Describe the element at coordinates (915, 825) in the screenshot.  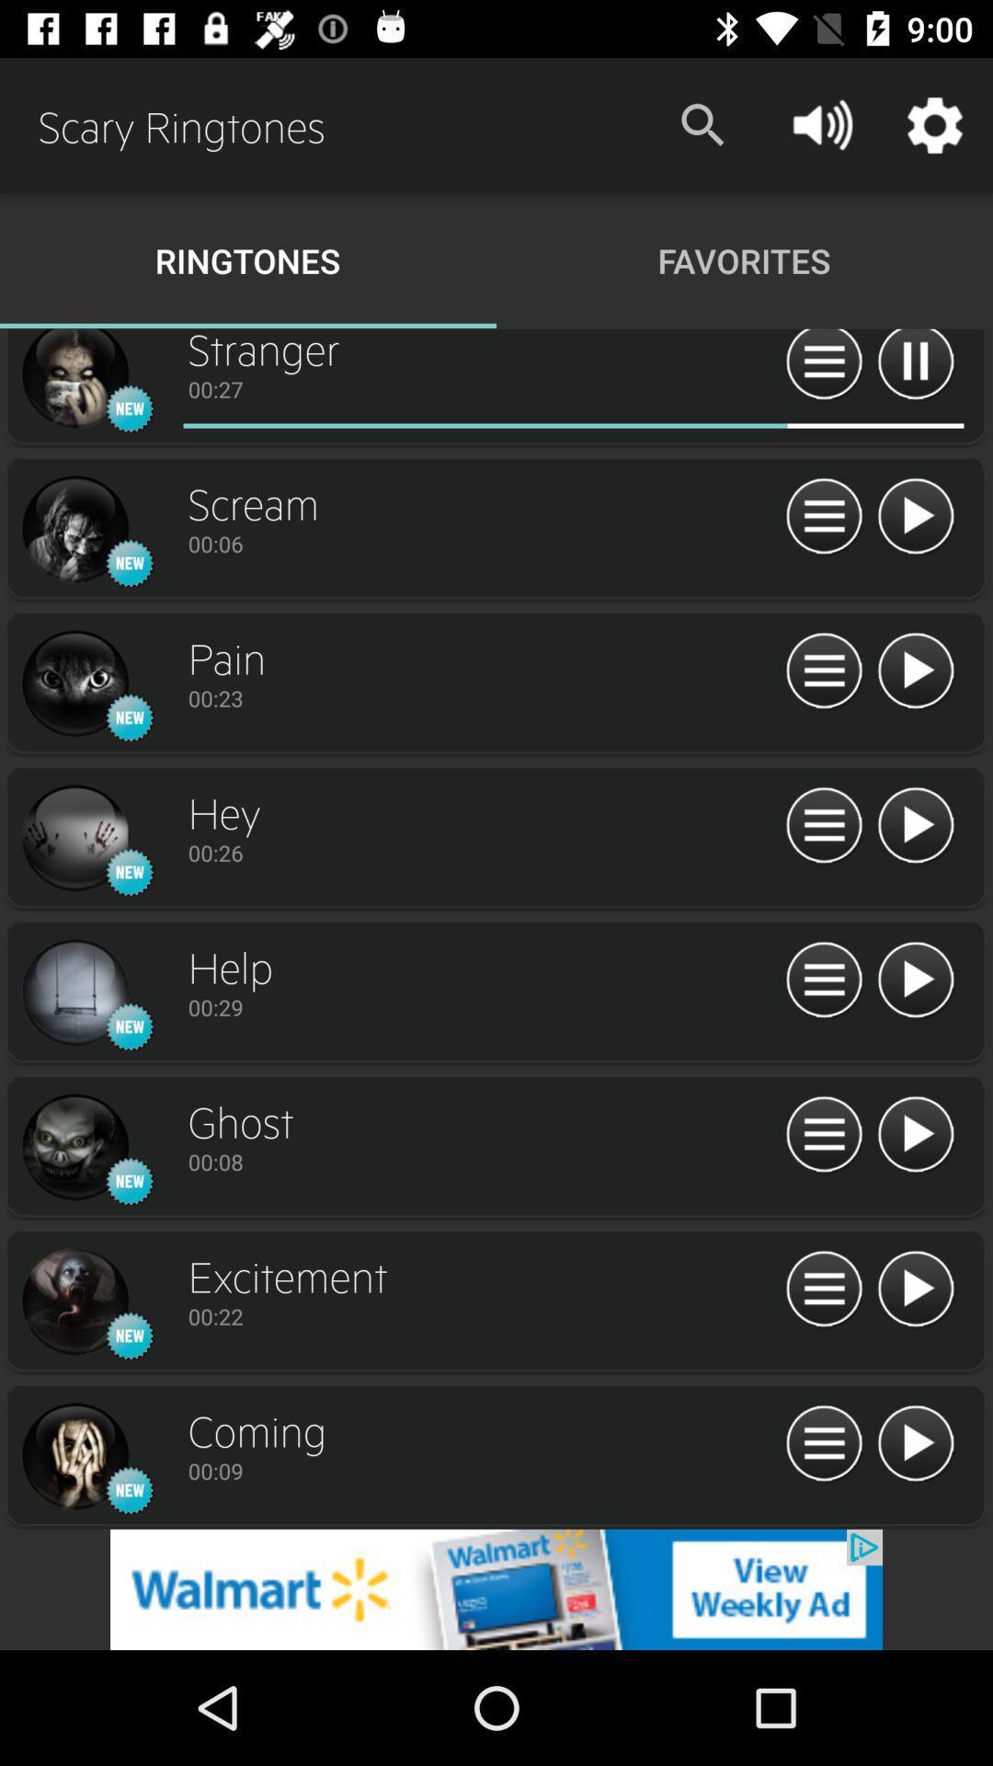
I see `play` at that location.